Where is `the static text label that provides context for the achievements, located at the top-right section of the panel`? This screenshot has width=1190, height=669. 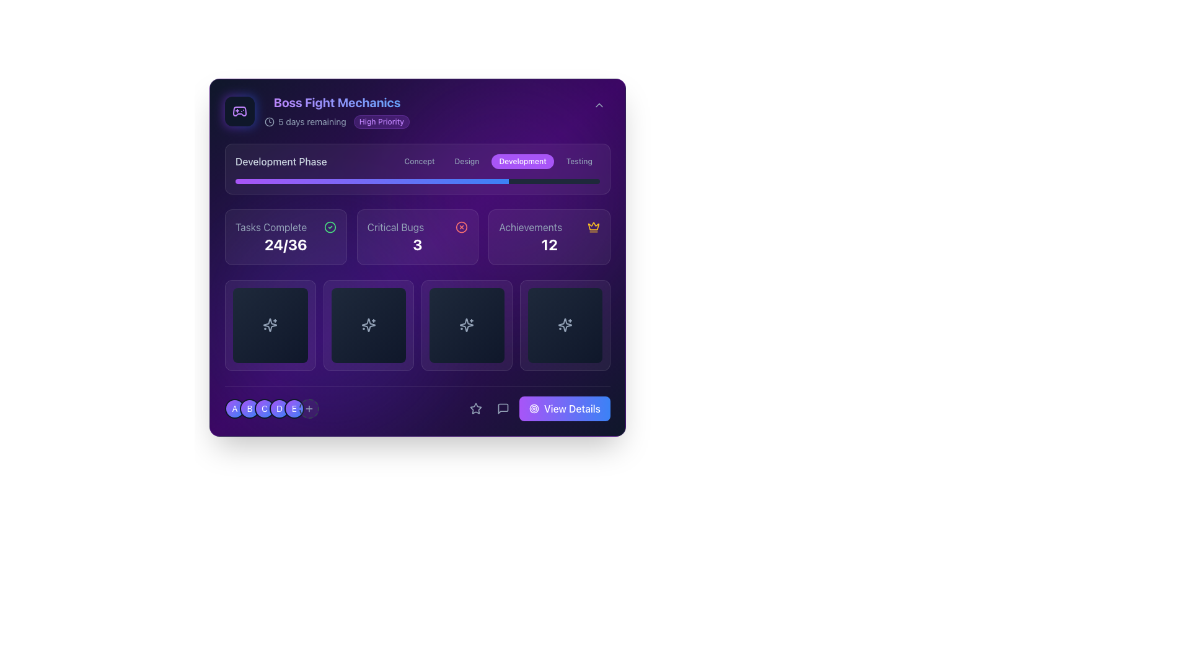 the static text label that provides context for the achievements, located at the top-right section of the panel is located at coordinates (531, 227).